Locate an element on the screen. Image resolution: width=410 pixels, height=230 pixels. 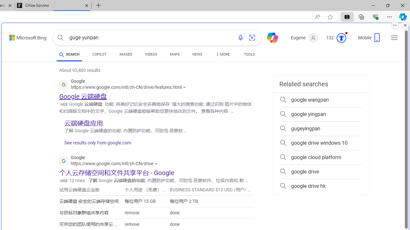
'VIDEOS' is located at coordinates (151, 55).